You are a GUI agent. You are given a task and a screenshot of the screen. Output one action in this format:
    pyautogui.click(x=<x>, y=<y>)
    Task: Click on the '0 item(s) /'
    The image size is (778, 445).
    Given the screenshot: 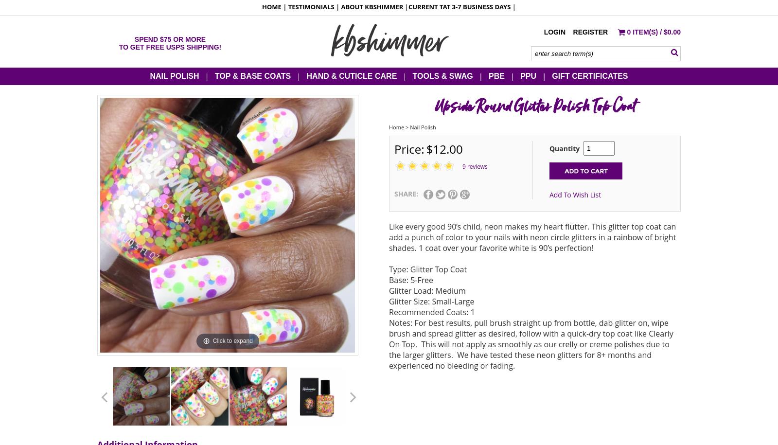 What is the action you would take?
    pyautogui.click(x=644, y=31)
    